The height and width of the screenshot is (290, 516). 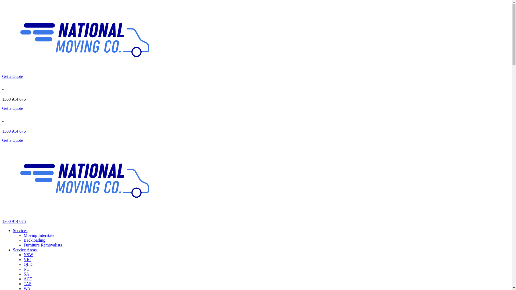 I want to click on 'Get a Quote', so click(x=12, y=108).